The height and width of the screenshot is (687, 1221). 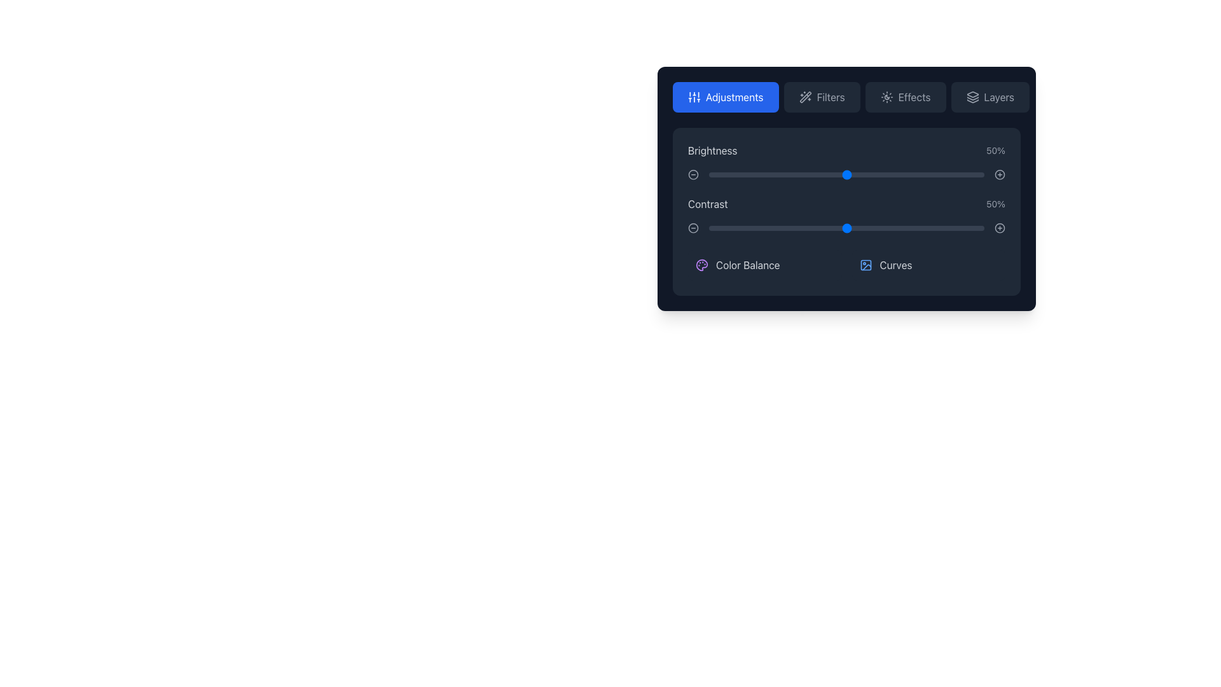 What do you see at coordinates (808, 174) in the screenshot?
I see `the brightness value` at bounding box center [808, 174].